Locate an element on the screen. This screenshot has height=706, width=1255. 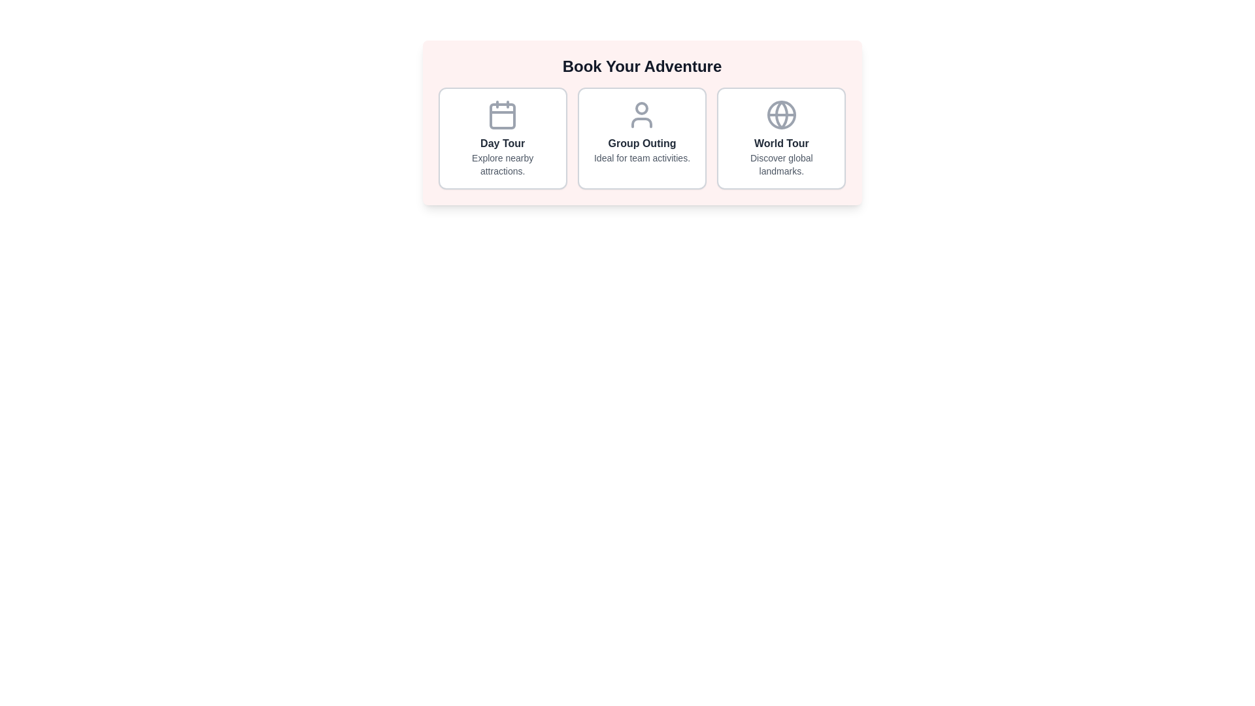
the globe icon representing 'World Tour' located above the text 'World Tour' and 'Discover global landmarks' within the card is located at coordinates (781, 114).